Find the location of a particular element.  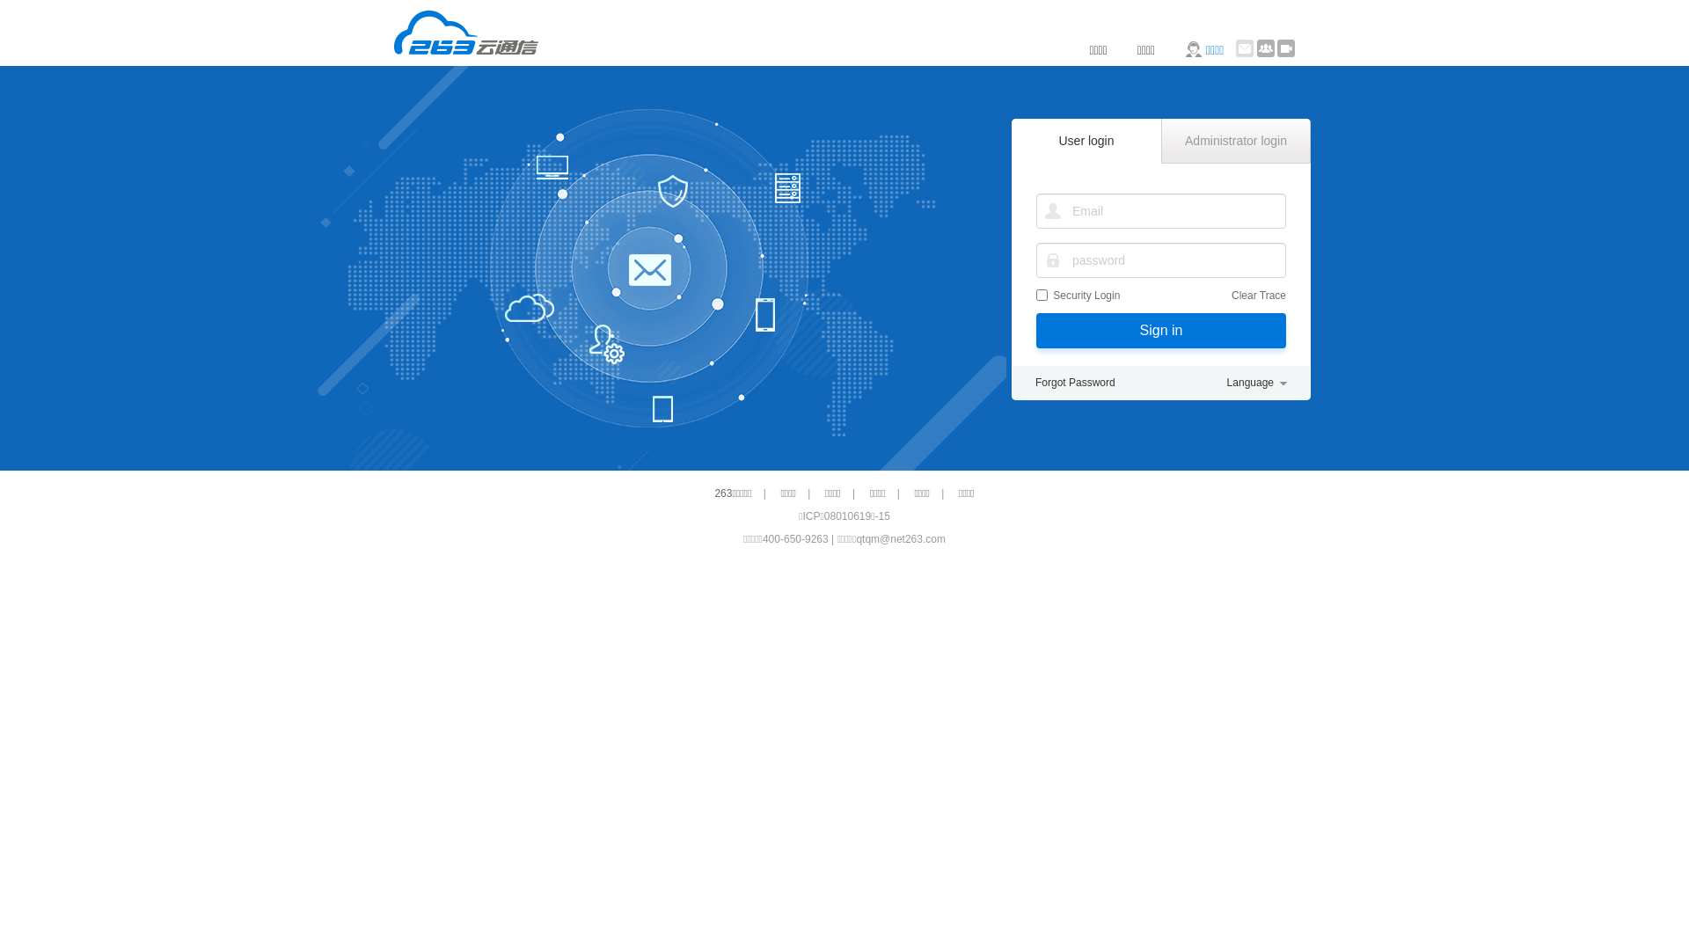

'Language' is located at coordinates (1256, 382).